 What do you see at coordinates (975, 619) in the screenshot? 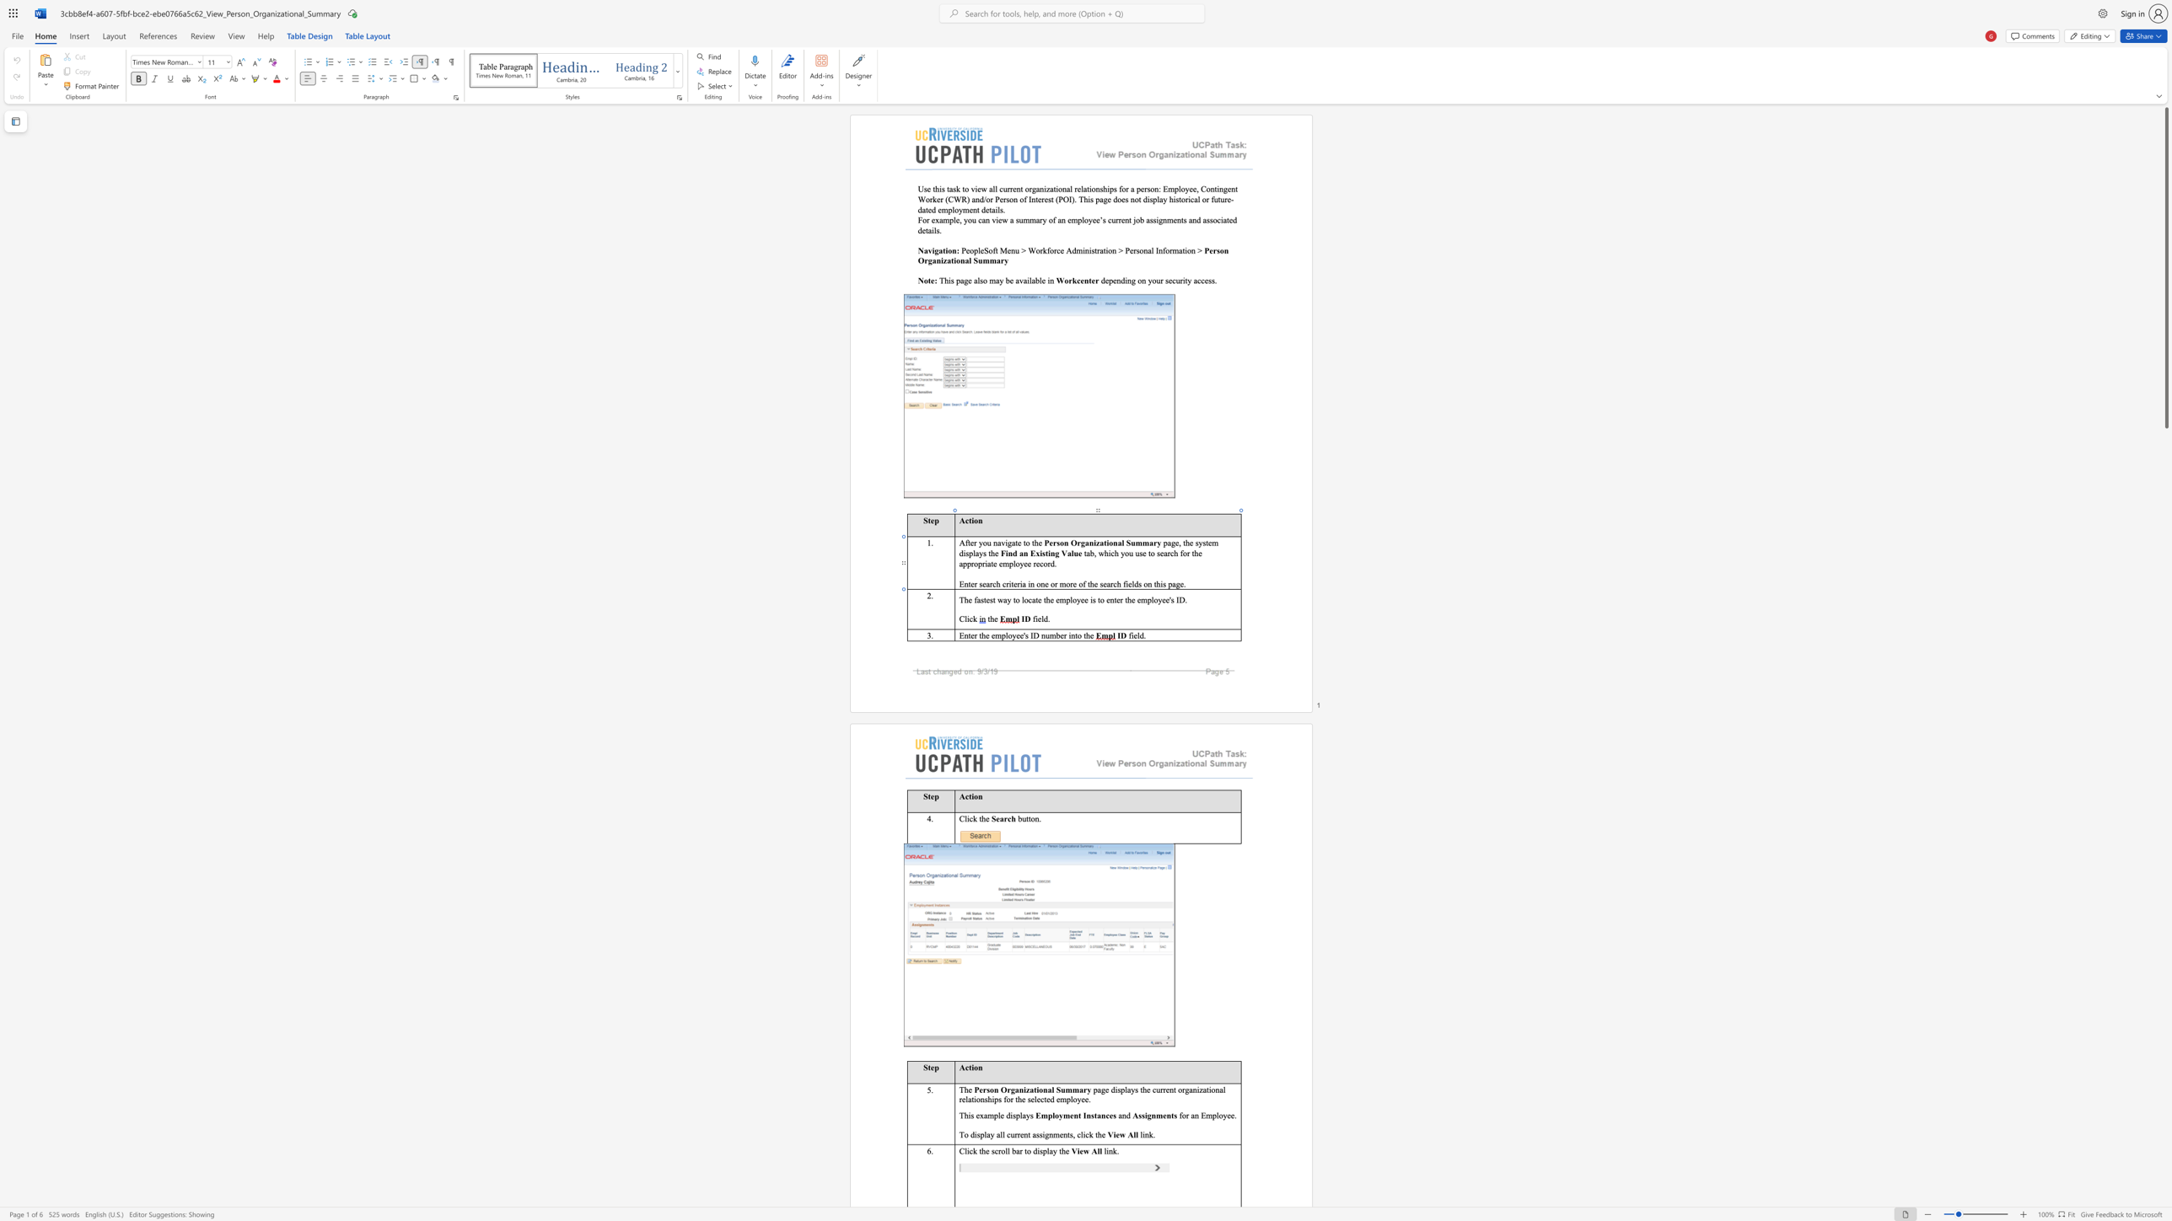
I see `the 1th character "k" in the text` at bounding box center [975, 619].